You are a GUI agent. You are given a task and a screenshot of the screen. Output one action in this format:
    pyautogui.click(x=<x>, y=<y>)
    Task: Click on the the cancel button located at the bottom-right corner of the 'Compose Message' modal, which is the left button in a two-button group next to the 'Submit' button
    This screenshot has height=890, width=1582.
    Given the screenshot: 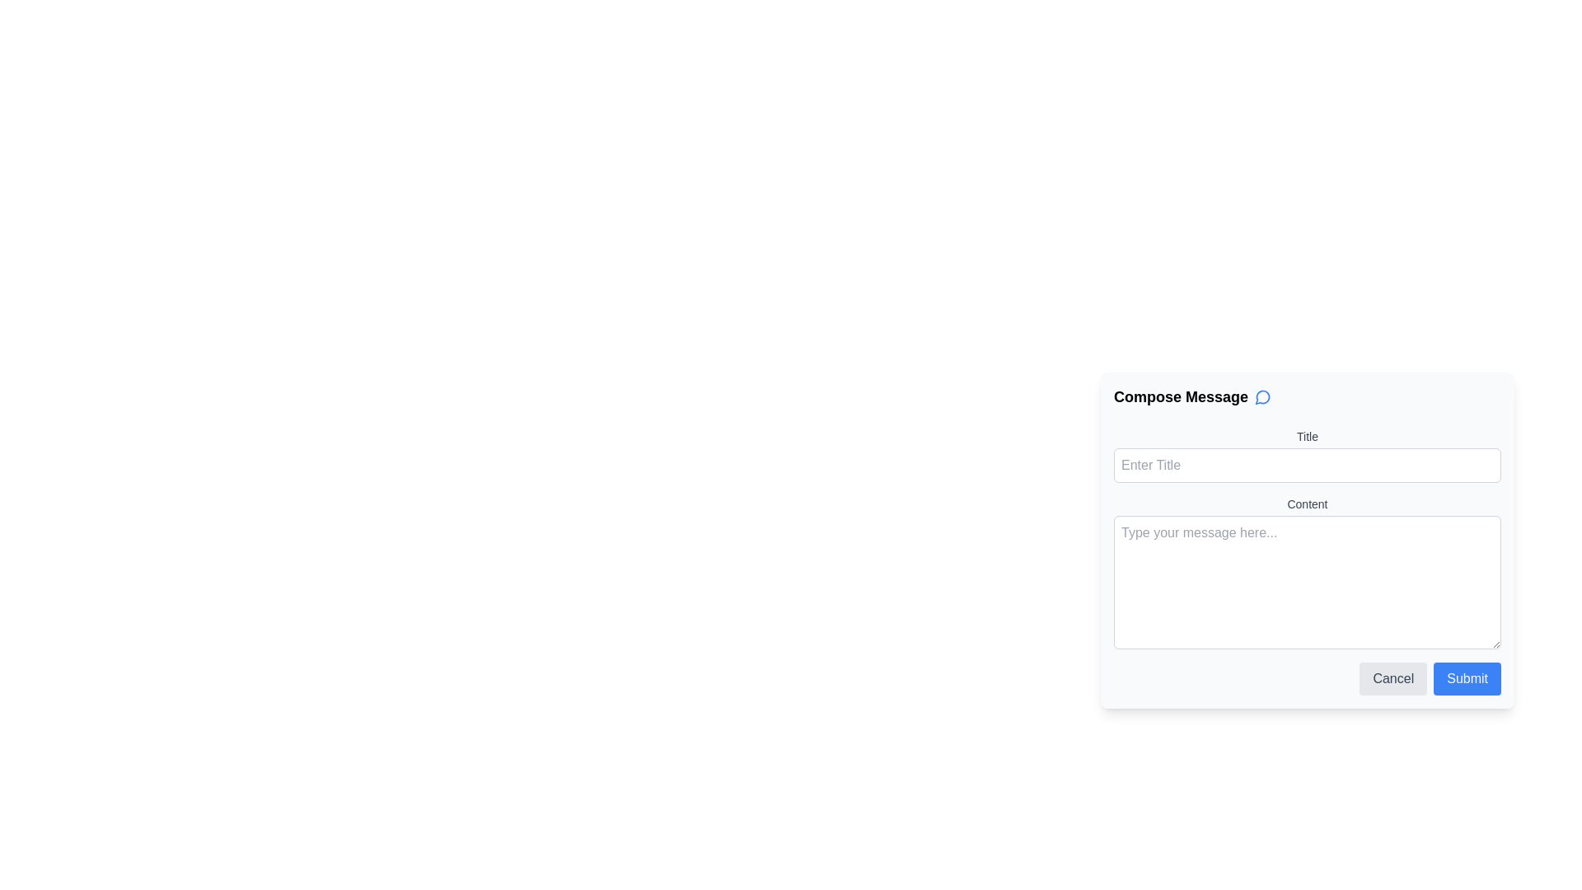 What is the action you would take?
    pyautogui.click(x=1392, y=679)
    